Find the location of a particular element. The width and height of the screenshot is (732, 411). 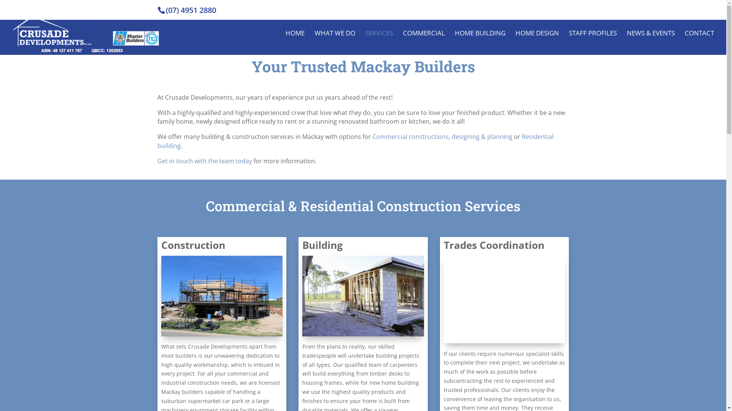

'STAFF PROFILES' is located at coordinates (592, 42).